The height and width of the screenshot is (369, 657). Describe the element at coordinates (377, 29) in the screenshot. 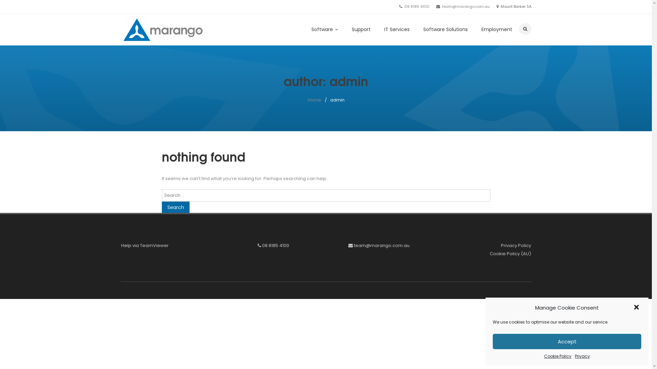

I see `'IT Services'` at that location.